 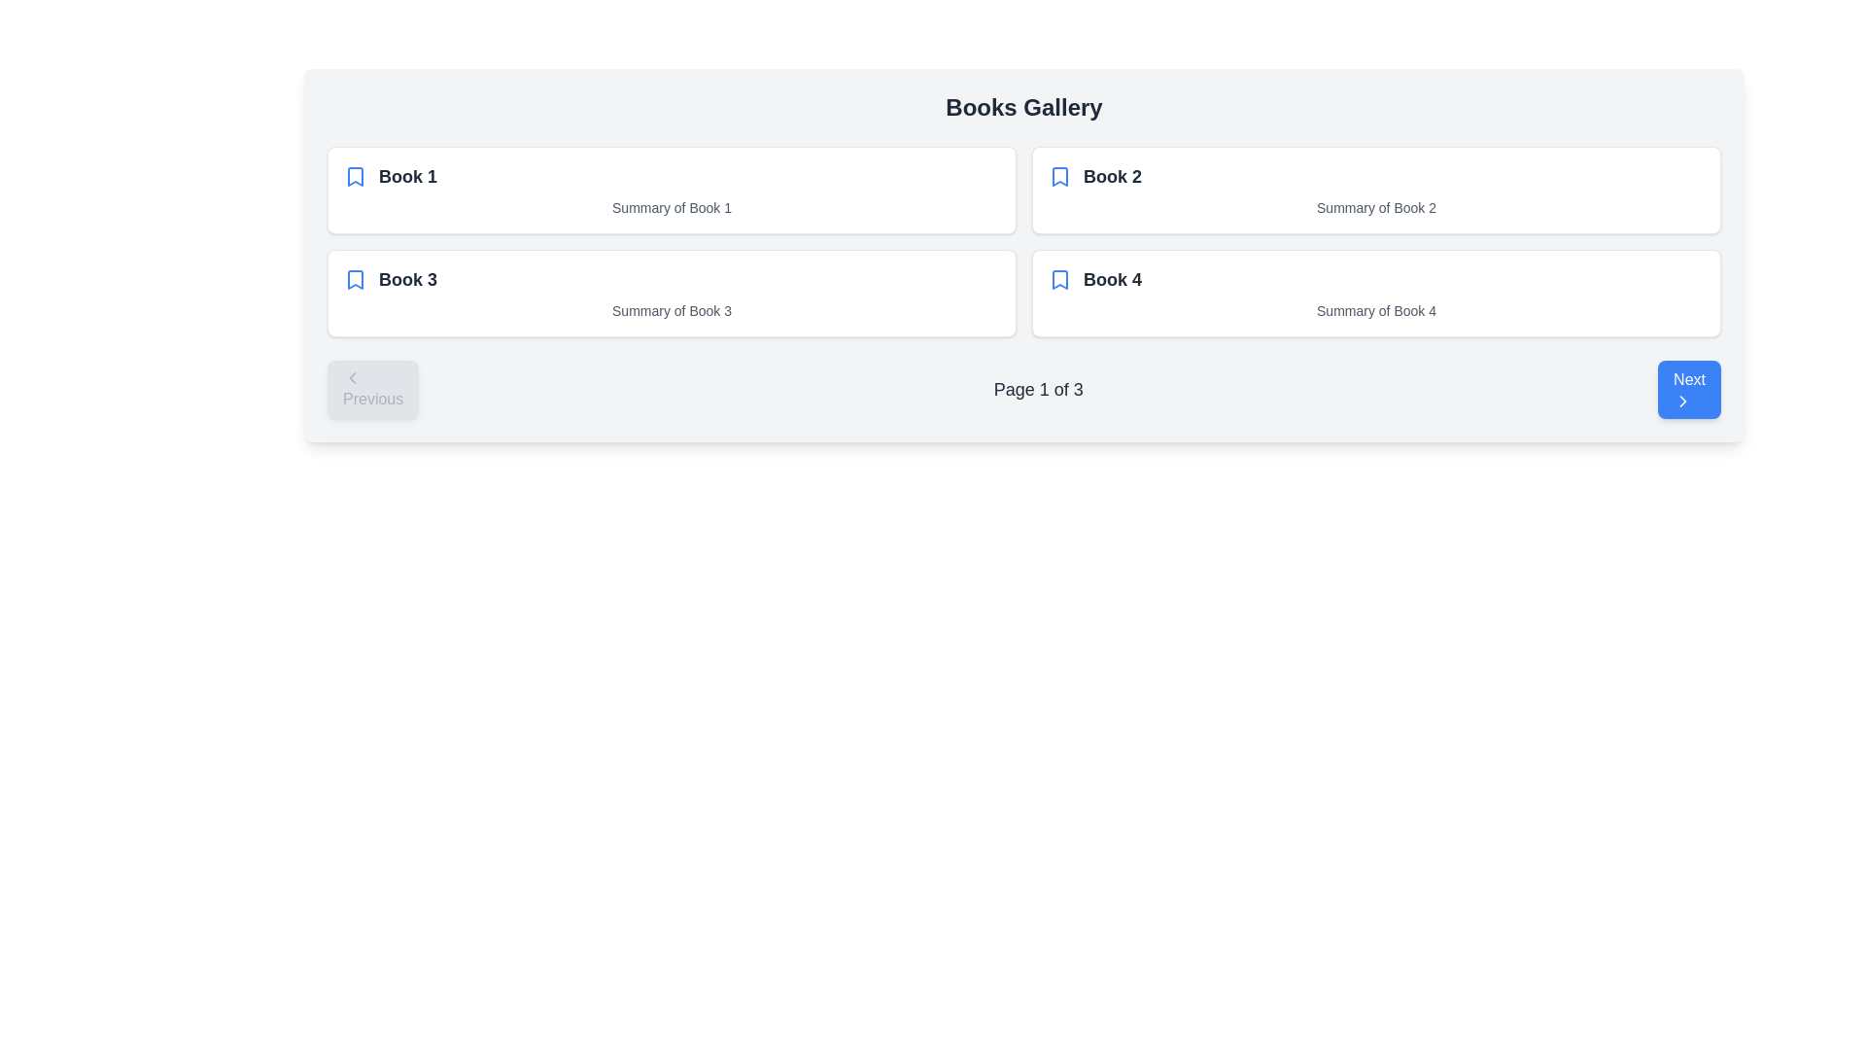 What do you see at coordinates (355, 176) in the screenshot?
I see `the bookmark-shaped icon styled in bold blue color, located to the left of the text 'Book 1' in the first card of the Books Gallery layout` at bounding box center [355, 176].